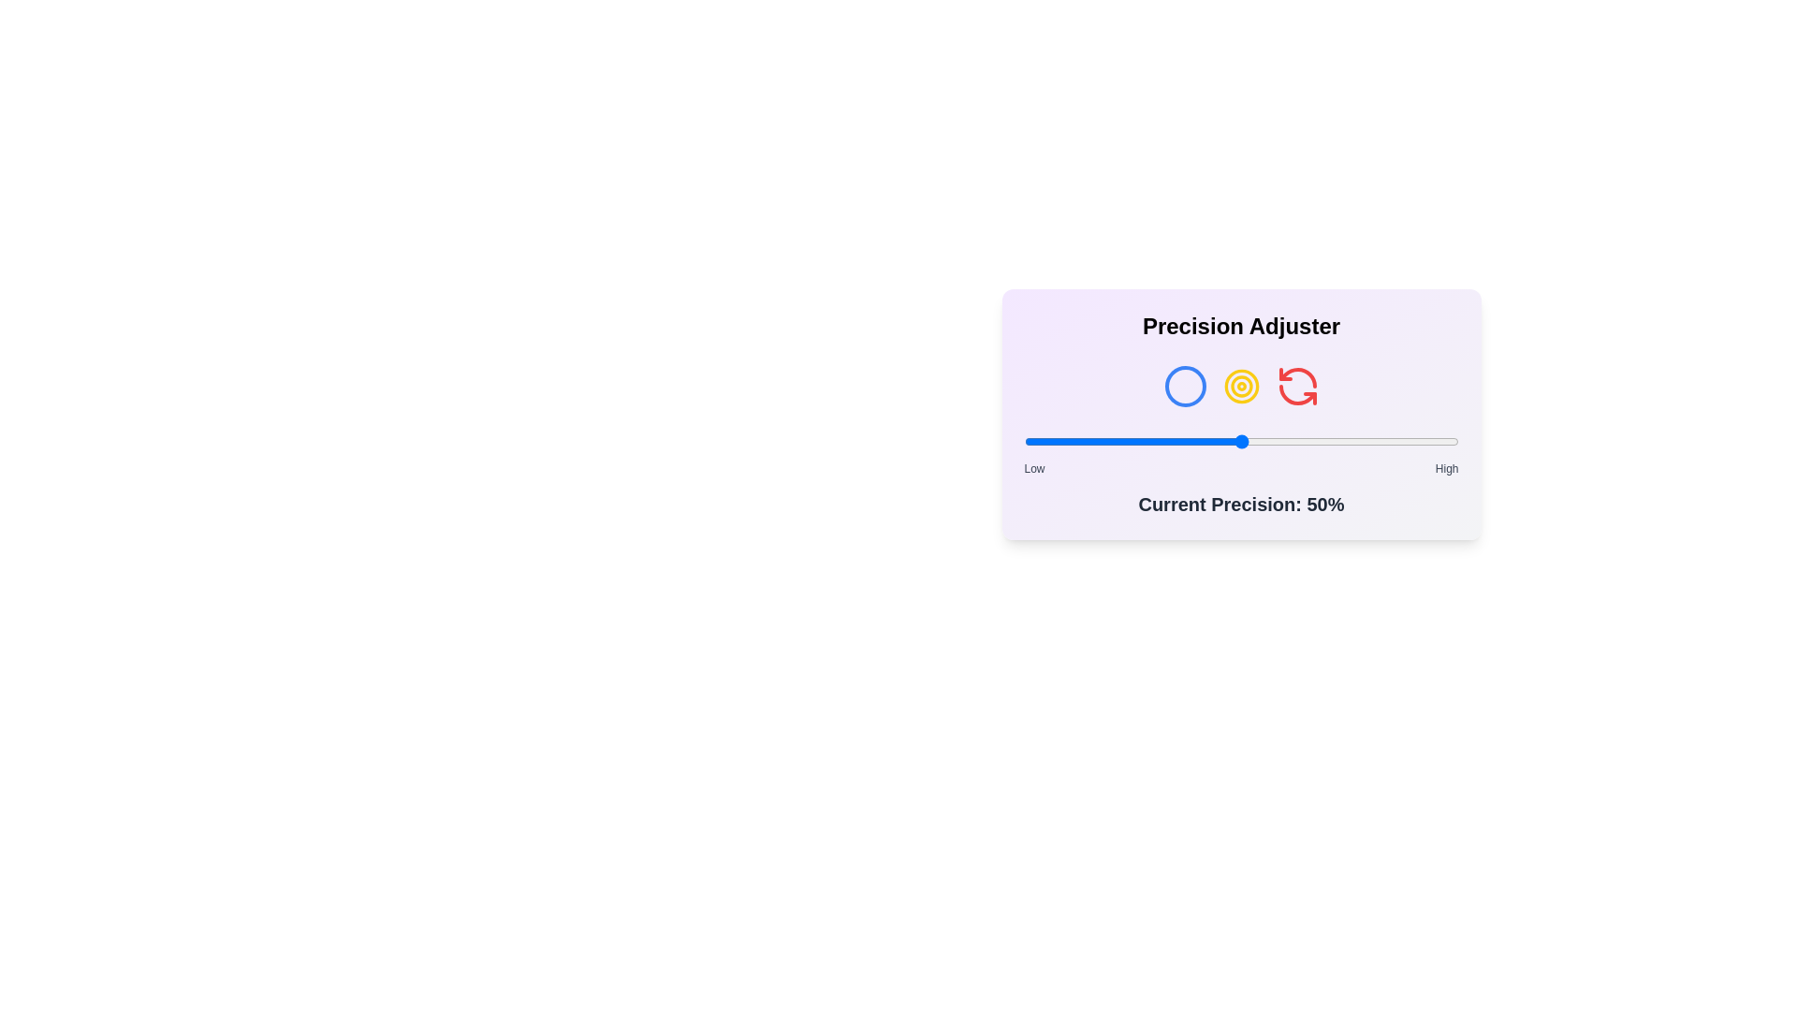 The image size is (1797, 1011). What do you see at coordinates (1350, 441) in the screenshot?
I see `the precision slider to 75%` at bounding box center [1350, 441].